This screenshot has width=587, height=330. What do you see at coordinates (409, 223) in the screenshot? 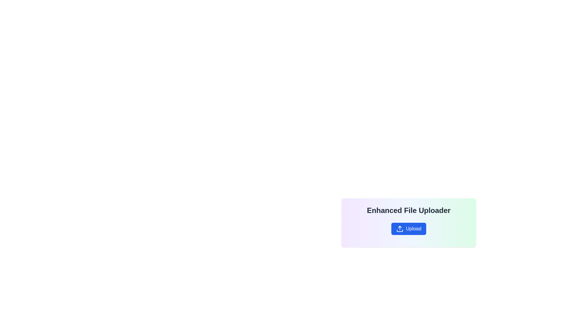
I see `the blue rounded 'Upload' button with a white upward arrow icon, located below the 'Enhanced File Uploader' text` at bounding box center [409, 223].